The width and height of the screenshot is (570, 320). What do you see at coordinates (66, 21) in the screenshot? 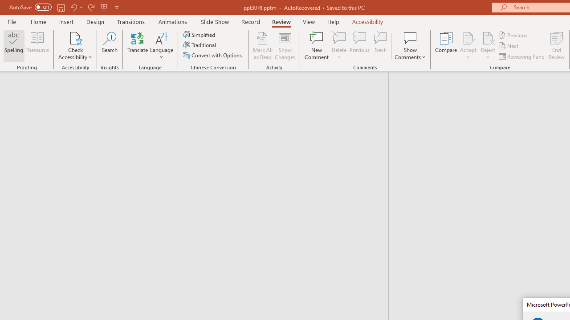
I see `'Insert'` at bounding box center [66, 21].